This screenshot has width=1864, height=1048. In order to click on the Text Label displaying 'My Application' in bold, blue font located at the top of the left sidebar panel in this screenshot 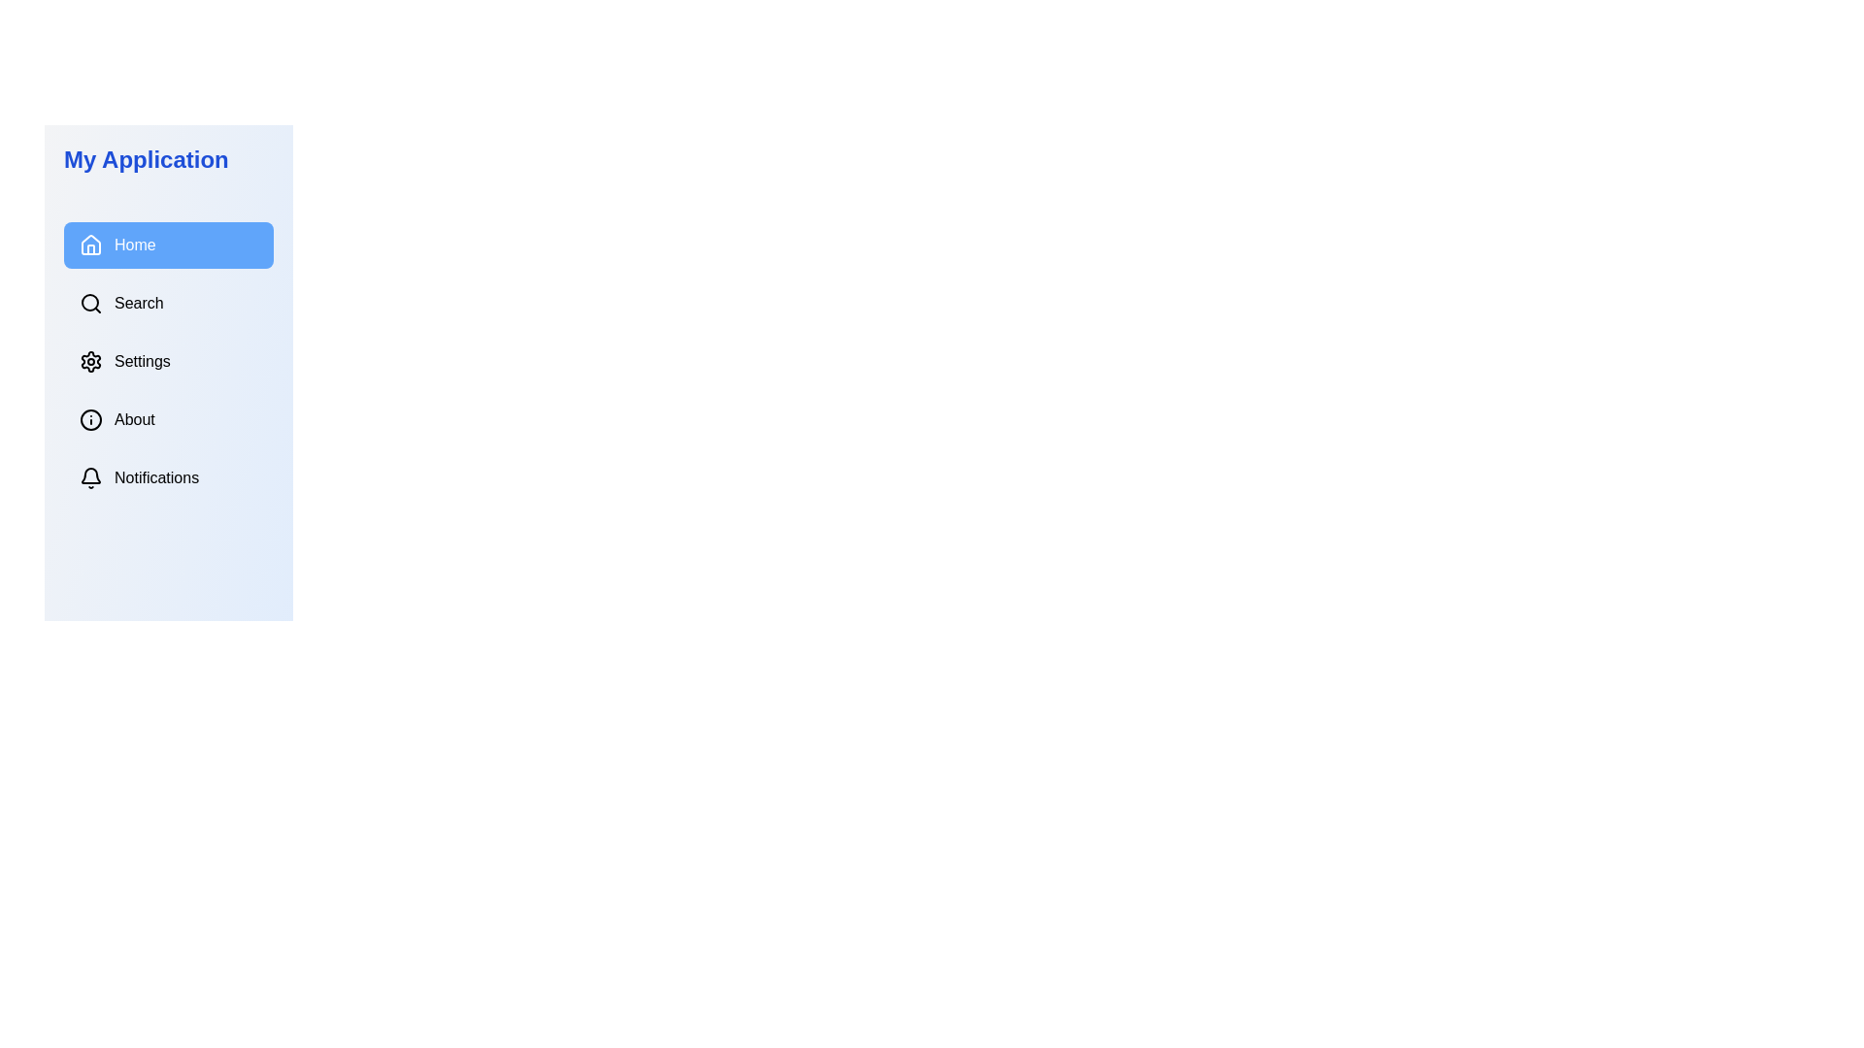, I will do `click(168, 159)`.